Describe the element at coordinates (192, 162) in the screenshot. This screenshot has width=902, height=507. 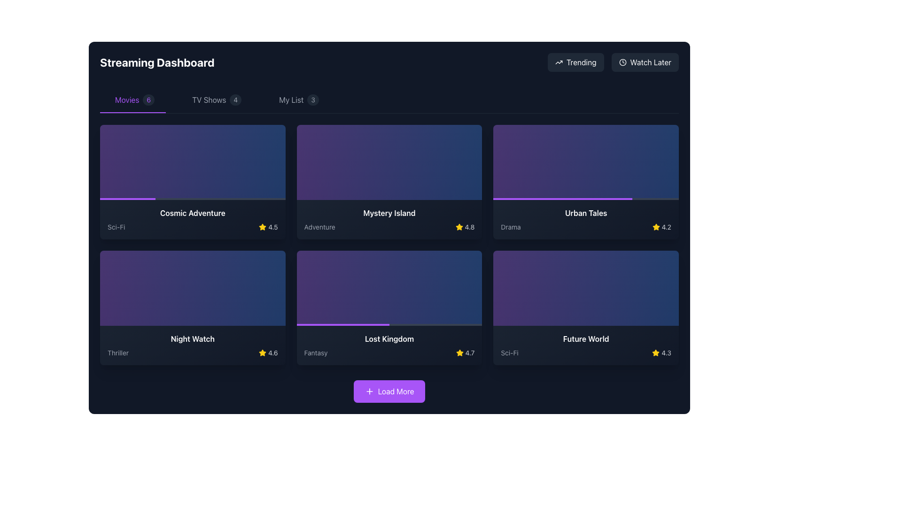
I see `the rectangular gradient background that transitions from semi-transparent purple to semi-transparent blue, located in the top section of the 'Cosmic Adventure' card` at that location.